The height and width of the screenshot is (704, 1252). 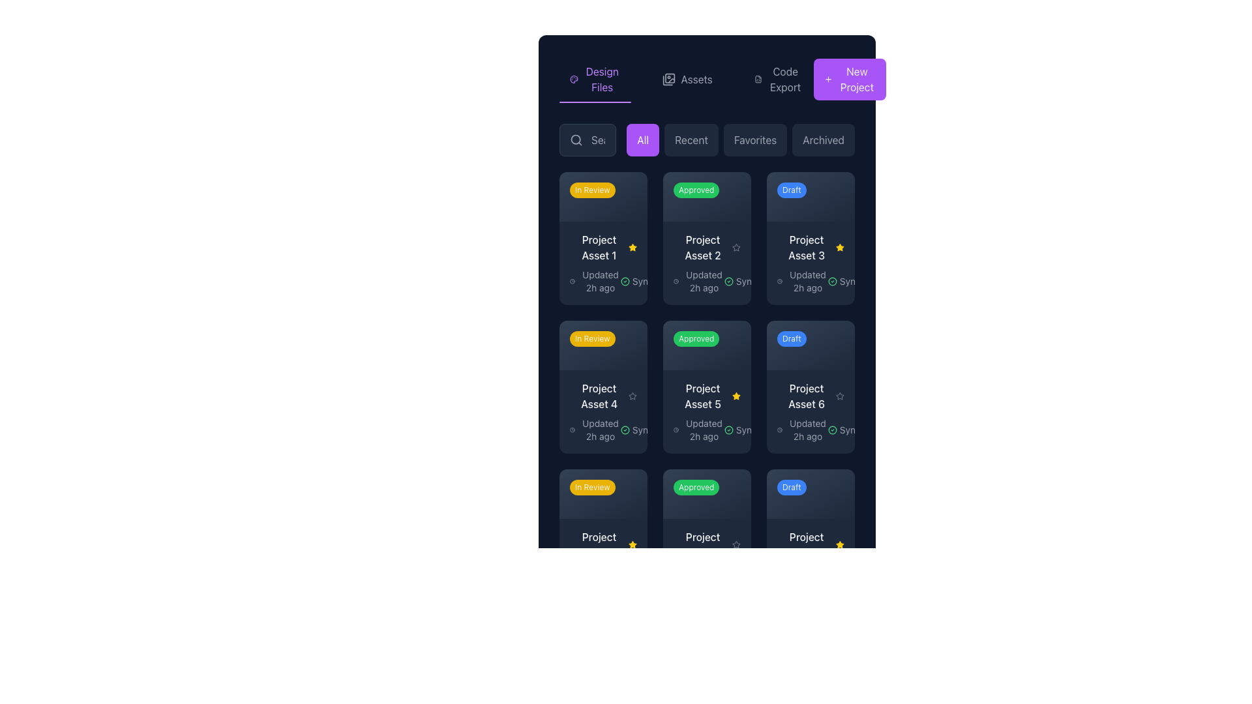 I want to click on the star icon that signifies the favorite status for 'Project Asset 9', located at the rightmost side of the header section, so click(x=840, y=544).